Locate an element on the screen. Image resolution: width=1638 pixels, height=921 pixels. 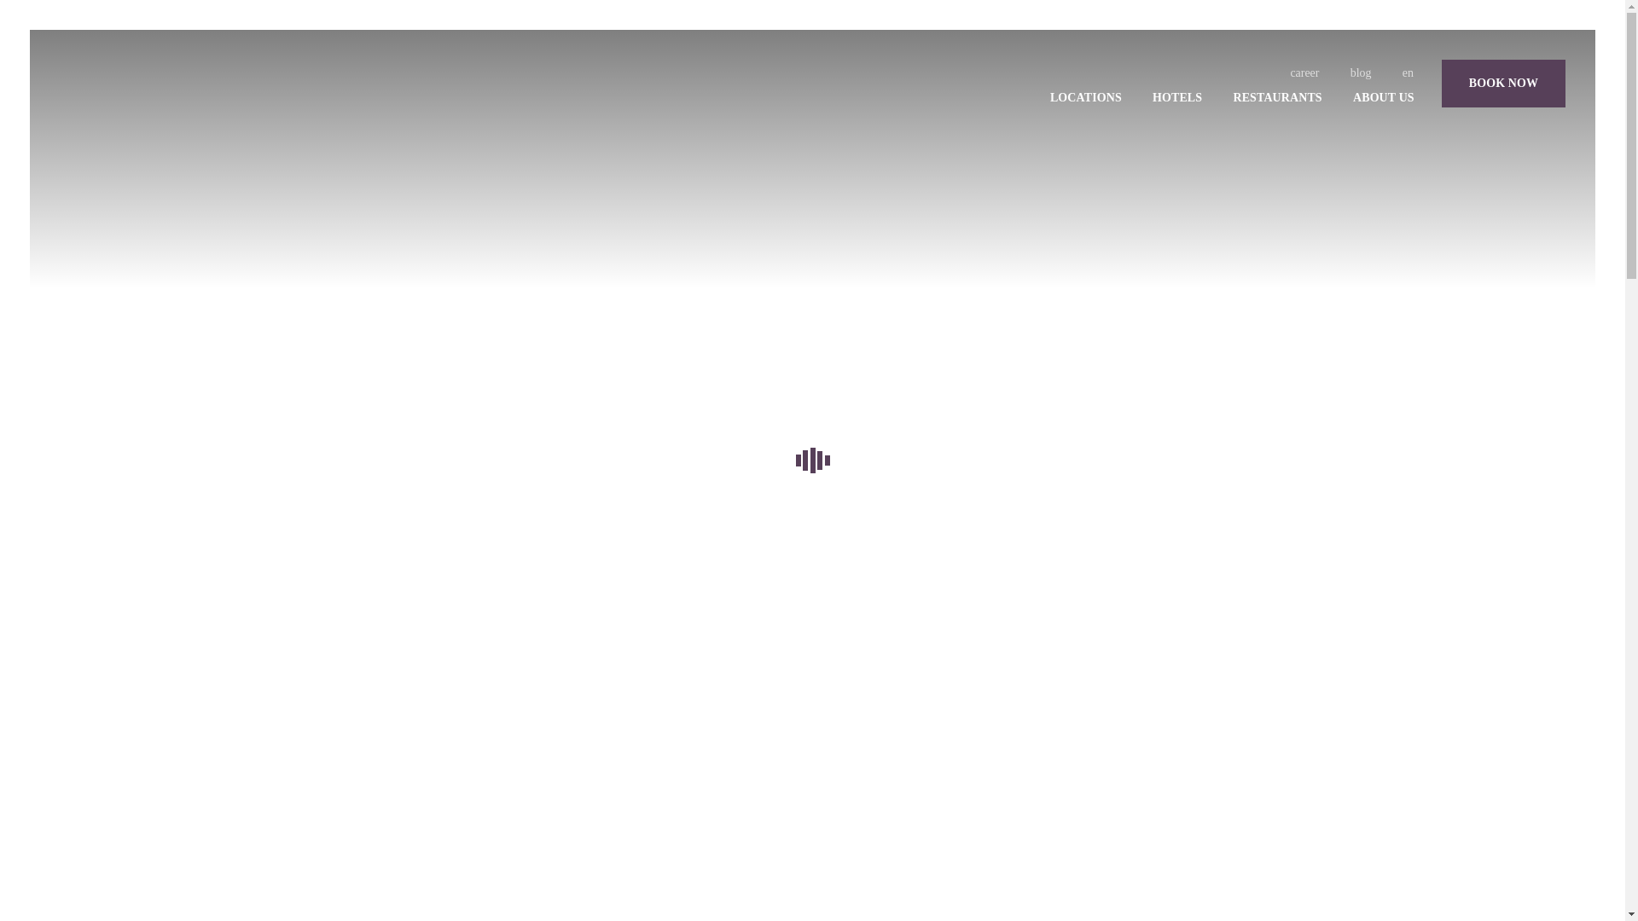
'BOOK NOW' is located at coordinates (1503, 83).